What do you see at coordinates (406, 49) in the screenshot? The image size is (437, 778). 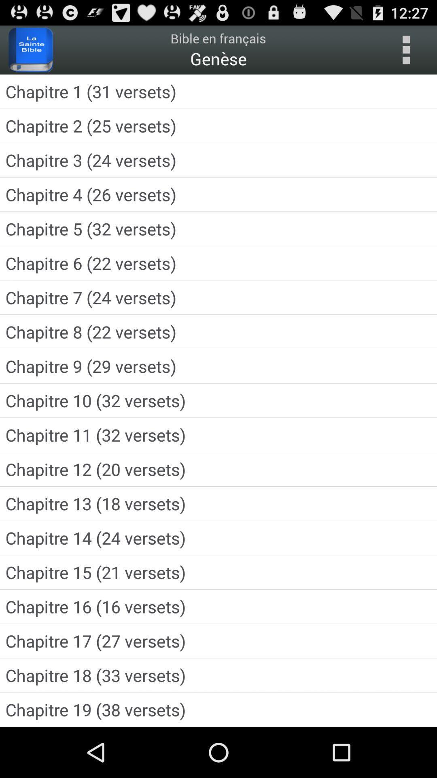 I see `go back` at bounding box center [406, 49].